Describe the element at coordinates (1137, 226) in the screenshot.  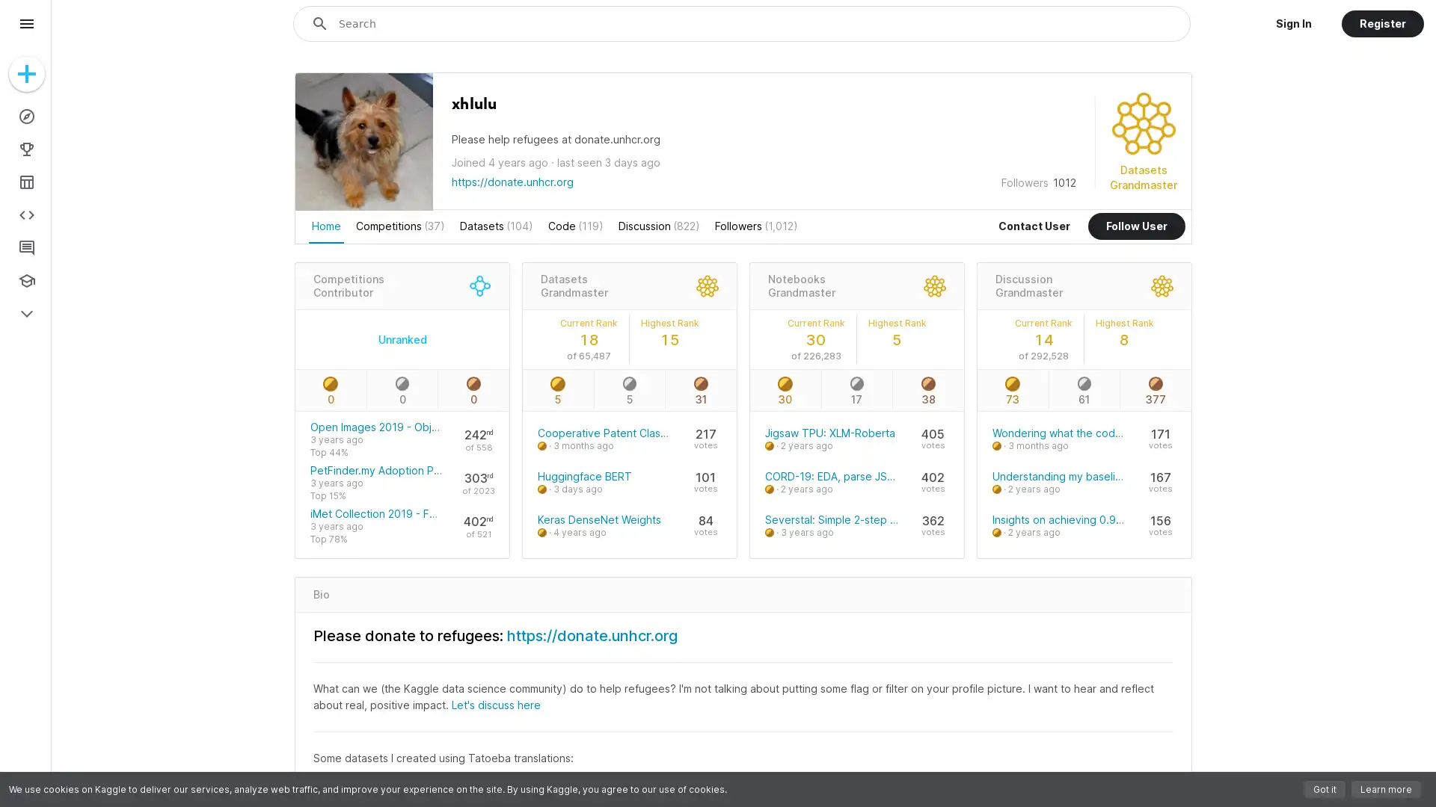
I see `Follow User` at that location.